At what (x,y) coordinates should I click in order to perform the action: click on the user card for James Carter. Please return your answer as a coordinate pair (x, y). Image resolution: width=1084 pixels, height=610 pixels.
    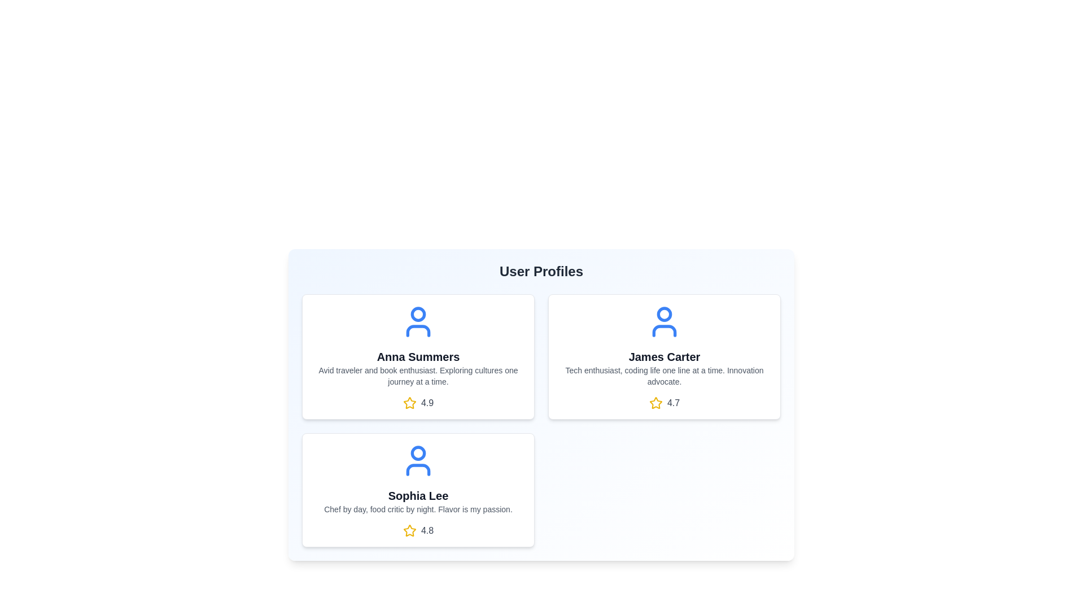
    Looking at the image, I should click on (664, 357).